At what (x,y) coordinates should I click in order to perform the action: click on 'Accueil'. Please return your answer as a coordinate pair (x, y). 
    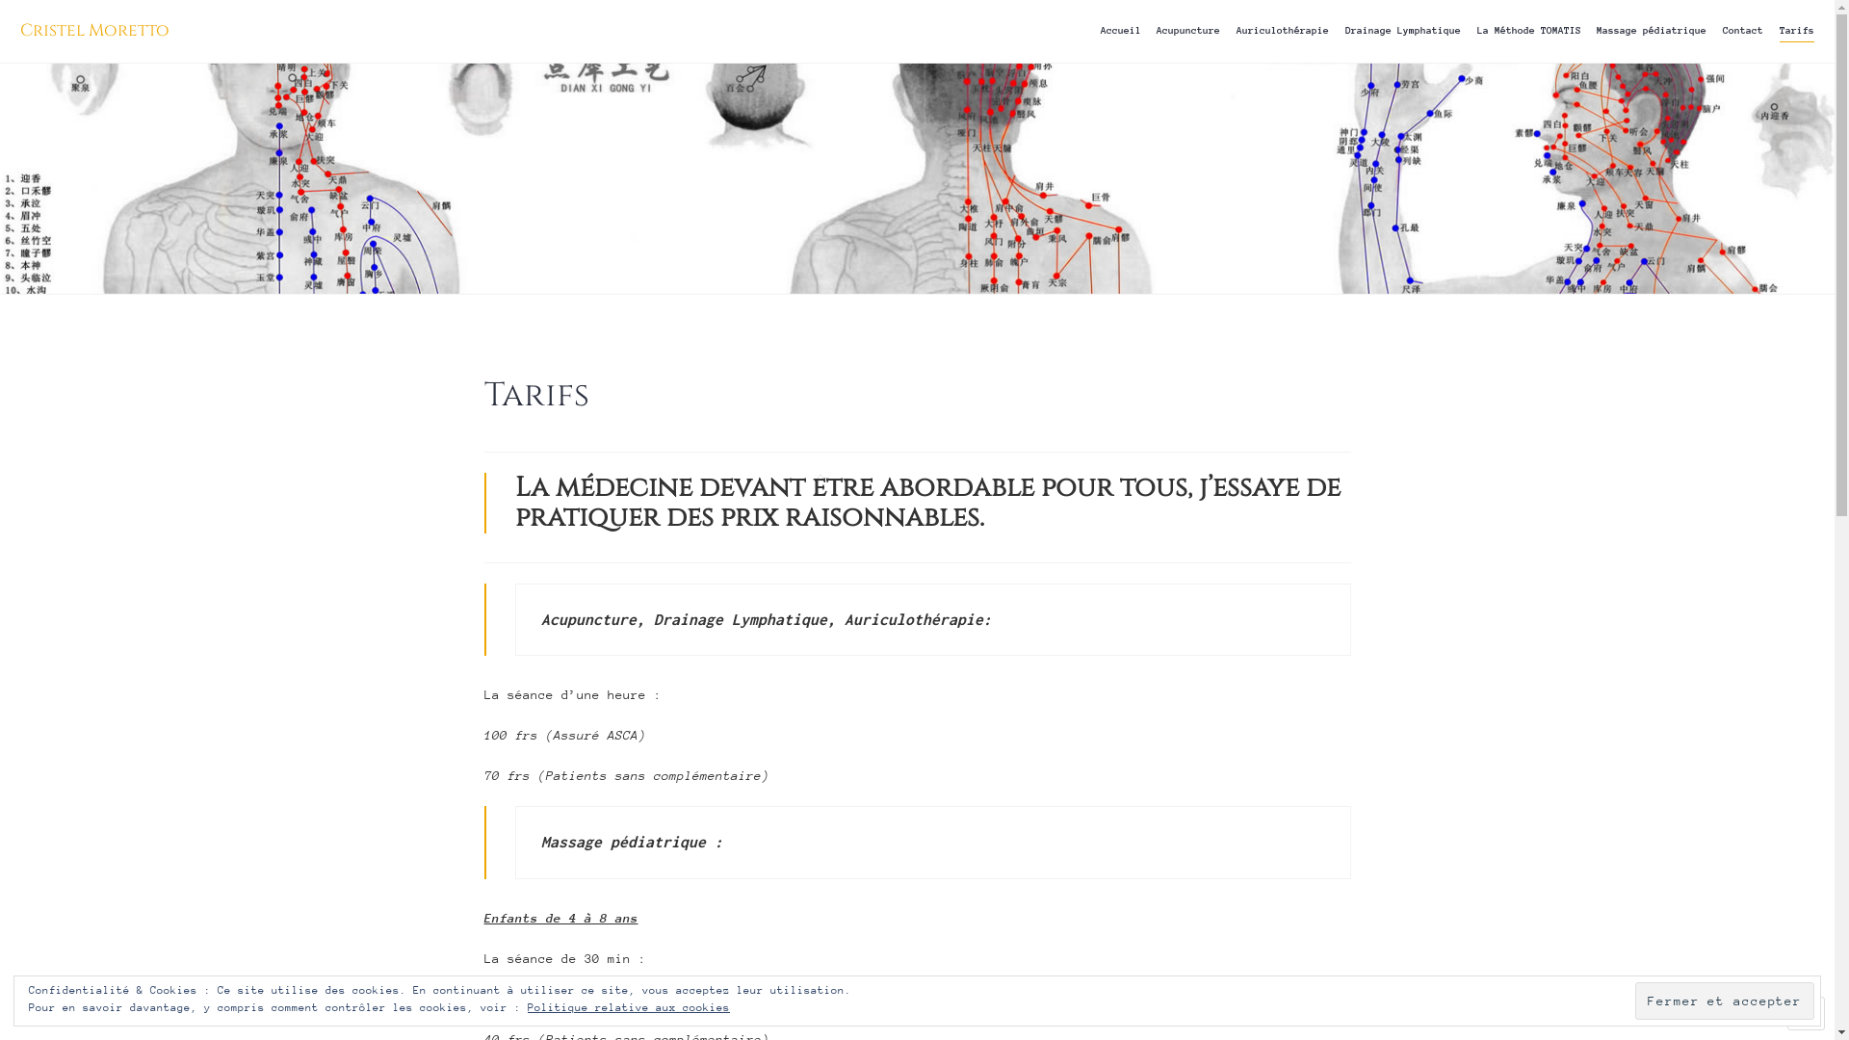
    Looking at the image, I should click on (1120, 31).